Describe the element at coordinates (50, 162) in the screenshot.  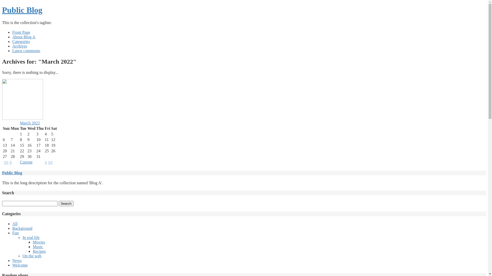
I see `'>>'` at that location.